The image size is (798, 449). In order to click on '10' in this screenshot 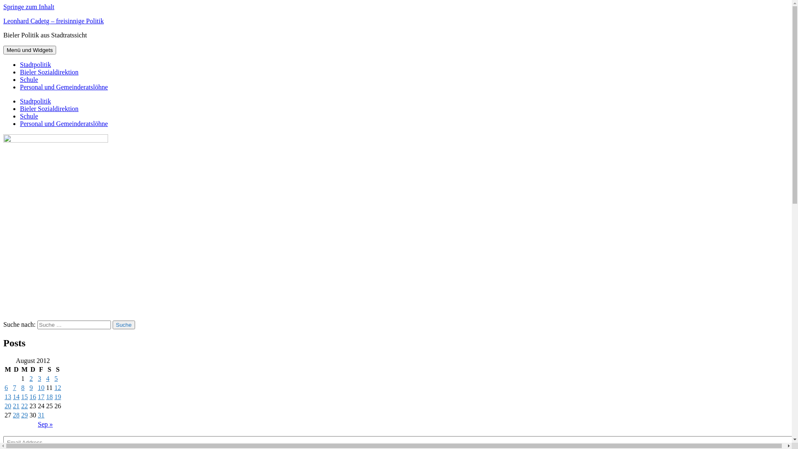, I will do `click(41, 387)`.